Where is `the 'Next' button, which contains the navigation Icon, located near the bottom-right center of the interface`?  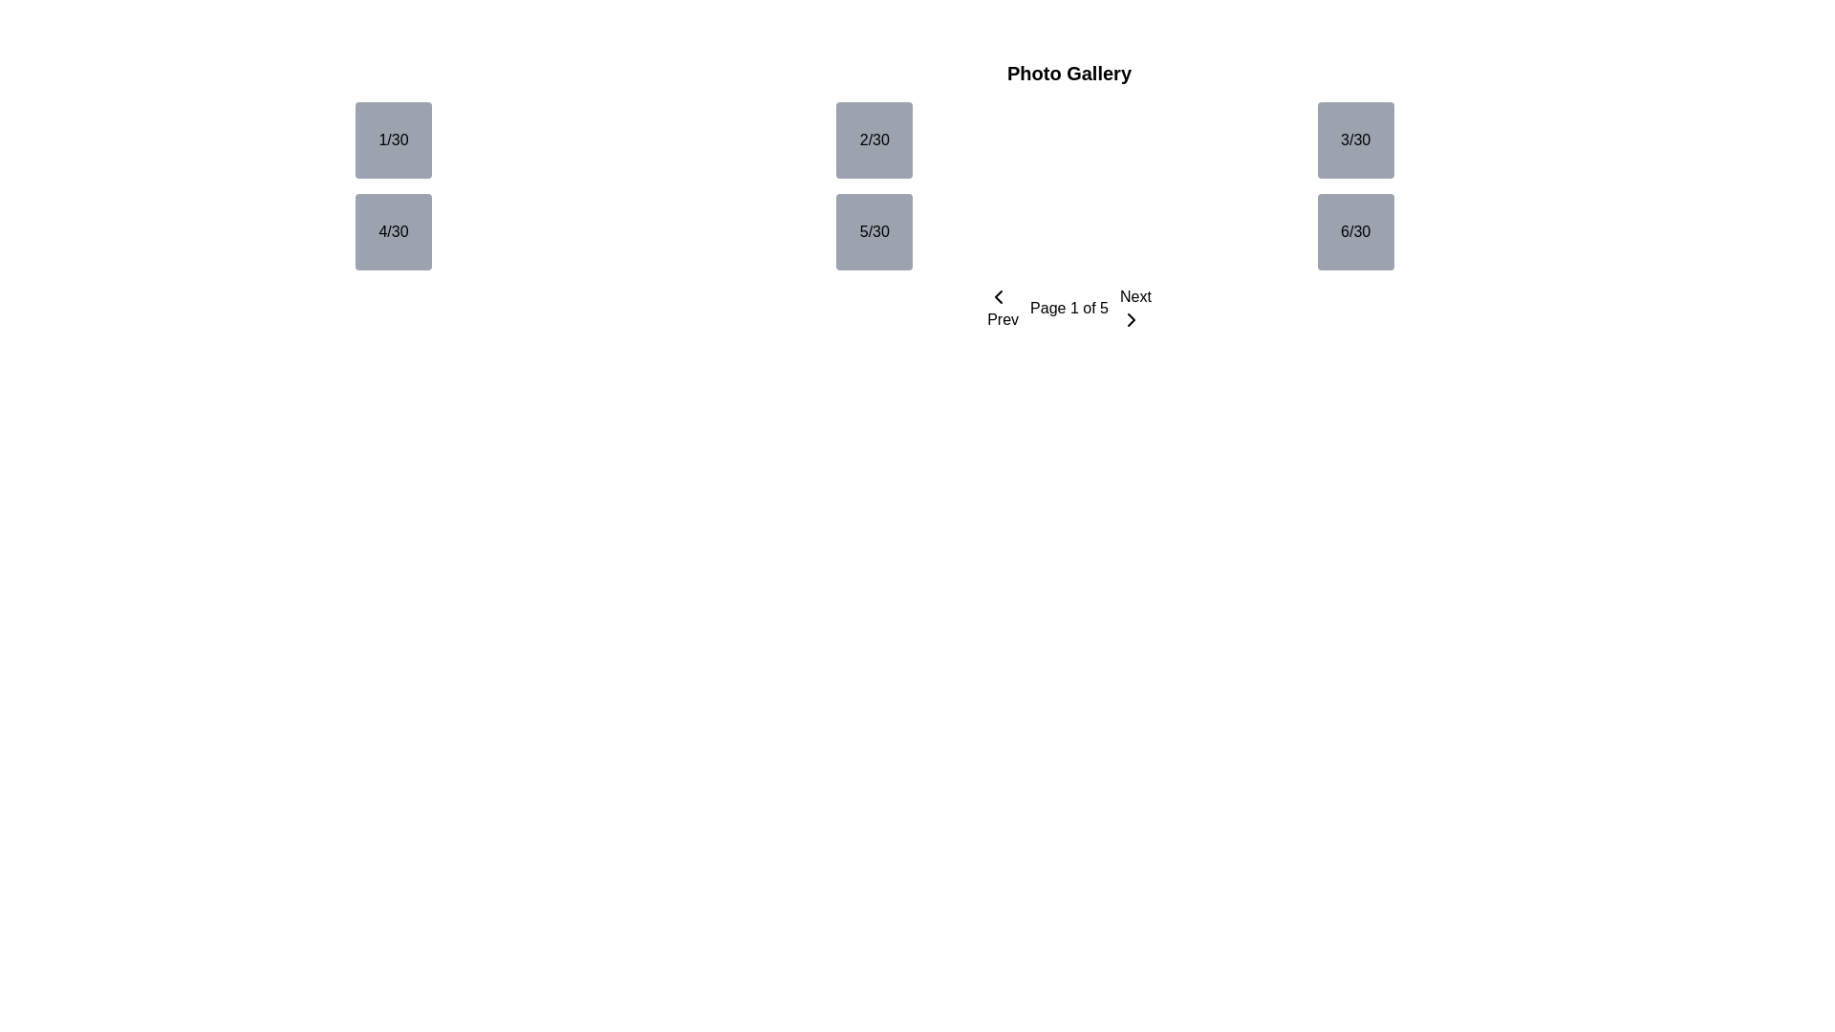 the 'Next' button, which contains the navigation Icon, located near the bottom-right center of the interface is located at coordinates (1131, 319).